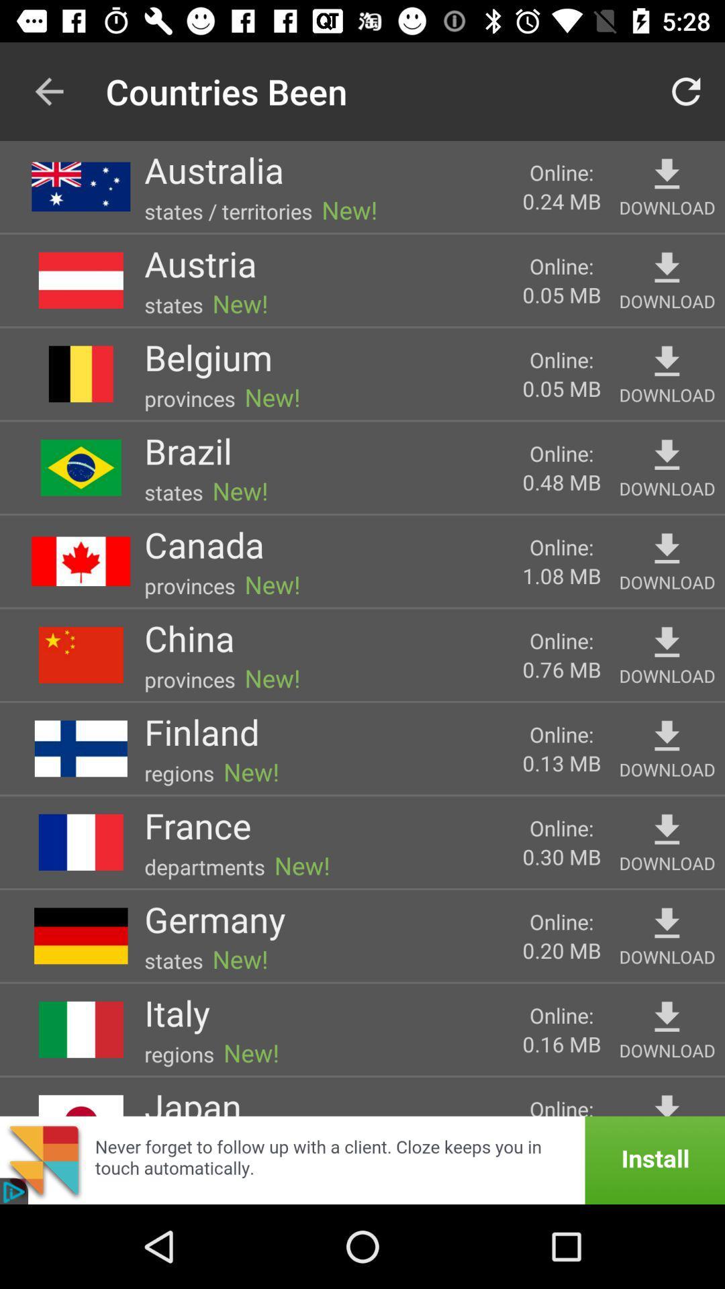 Image resolution: width=725 pixels, height=1289 pixels. Describe the element at coordinates (200, 263) in the screenshot. I see `the icon next to the 0.05 mb item` at that location.